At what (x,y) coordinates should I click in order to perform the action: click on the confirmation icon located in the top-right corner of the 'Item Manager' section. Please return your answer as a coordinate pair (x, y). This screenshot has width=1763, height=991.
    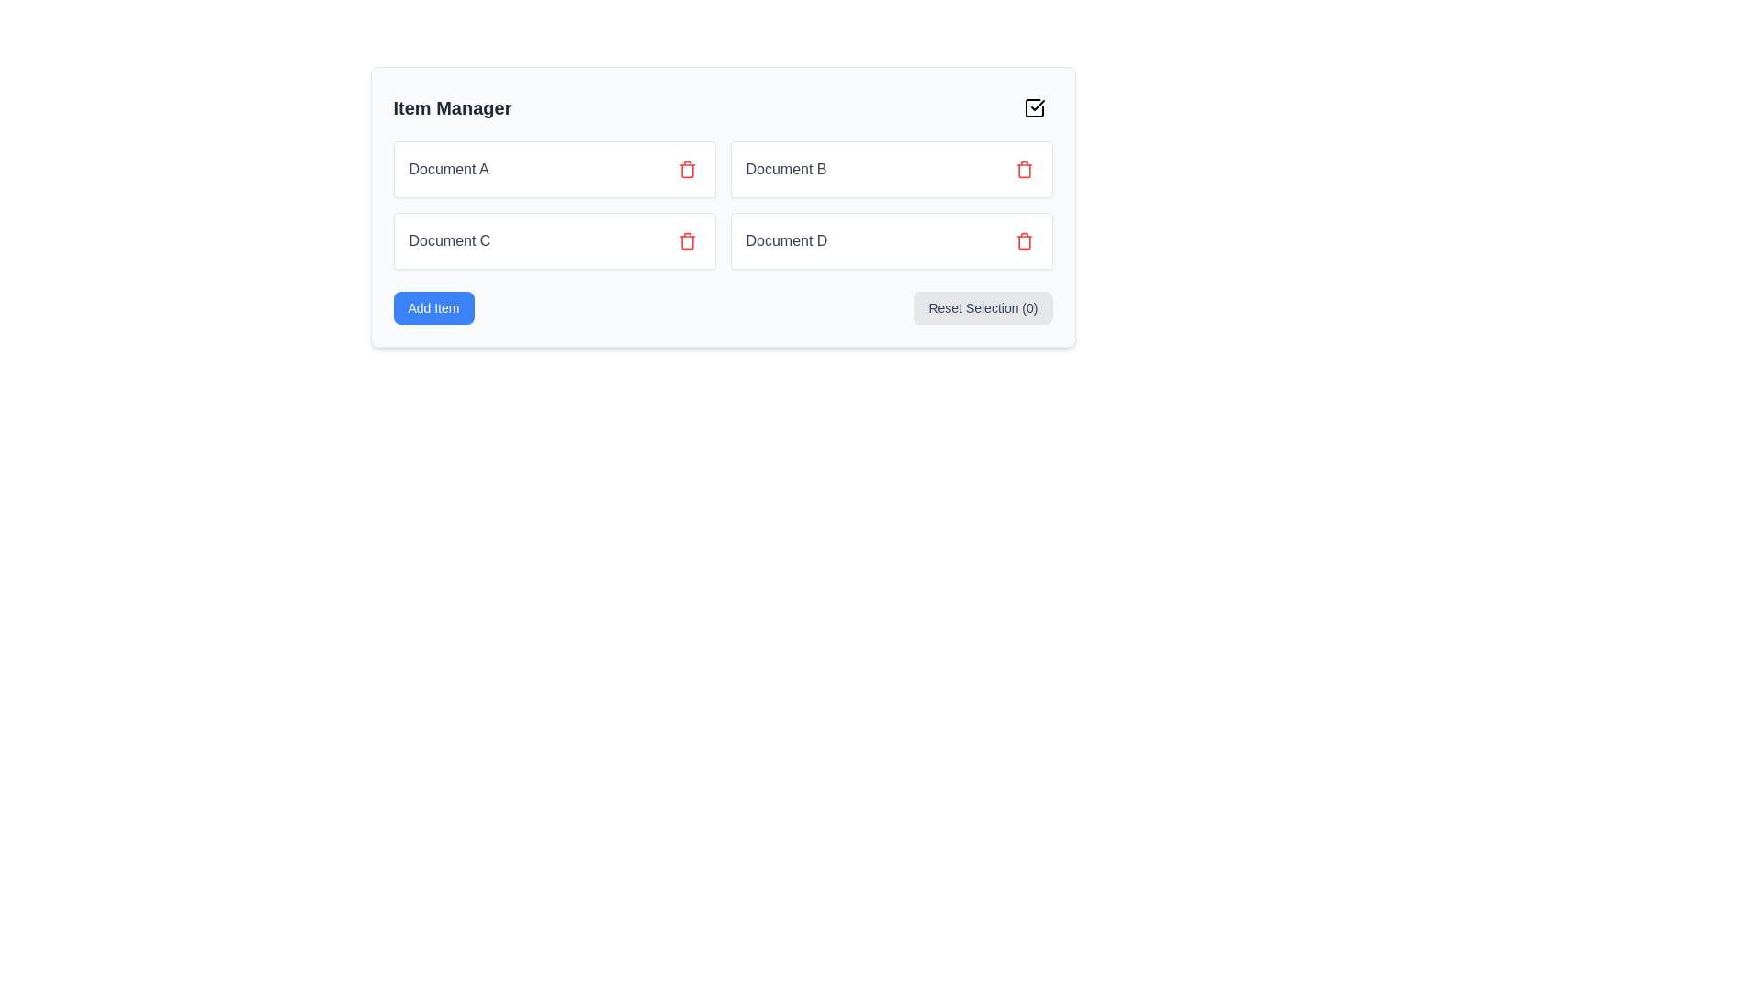
    Looking at the image, I should click on (1037, 106).